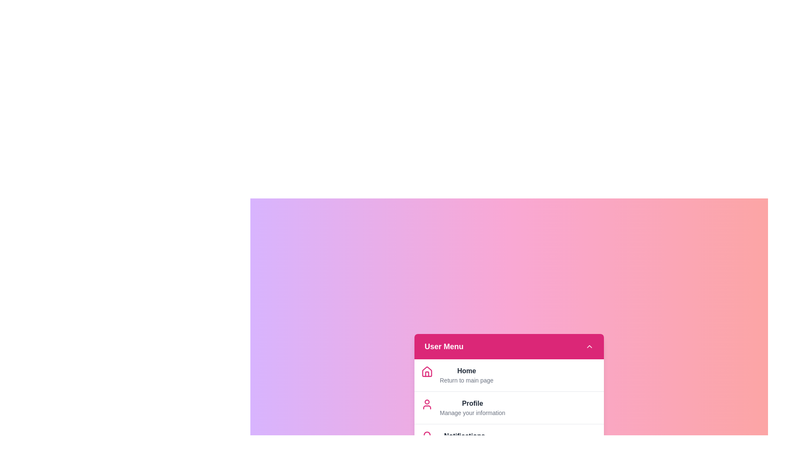 This screenshot has height=456, width=812. I want to click on the menu item Home from the EnhancedUserMenu, so click(466, 370).